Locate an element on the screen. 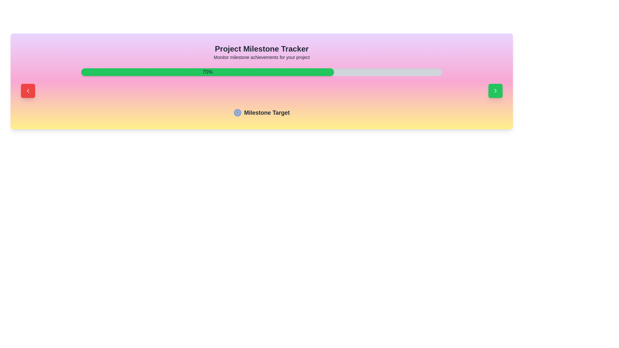 This screenshot has height=348, width=619. the 'Milestone Target' label which is displayed in bold font with a blue target icon, located beneath the progress bar and heading in the middle-bottom portion of the layout is located at coordinates (261, 112).